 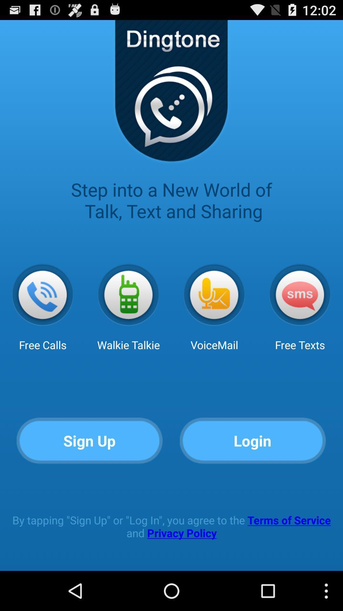 What do you see at coordinates (171, 526) in the screenshot?
I see `the by tapping sign item` at bounding box center [171, 526].